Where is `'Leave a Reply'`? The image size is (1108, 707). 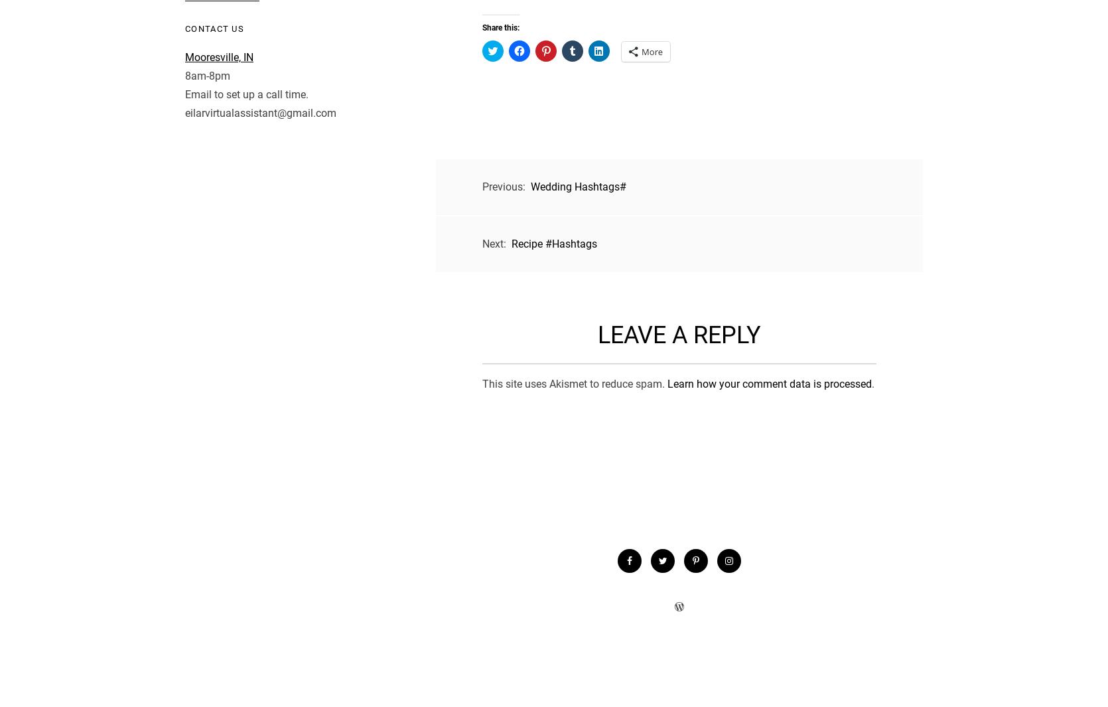
'Leave a Reply' is located at coordinates (679, 335).